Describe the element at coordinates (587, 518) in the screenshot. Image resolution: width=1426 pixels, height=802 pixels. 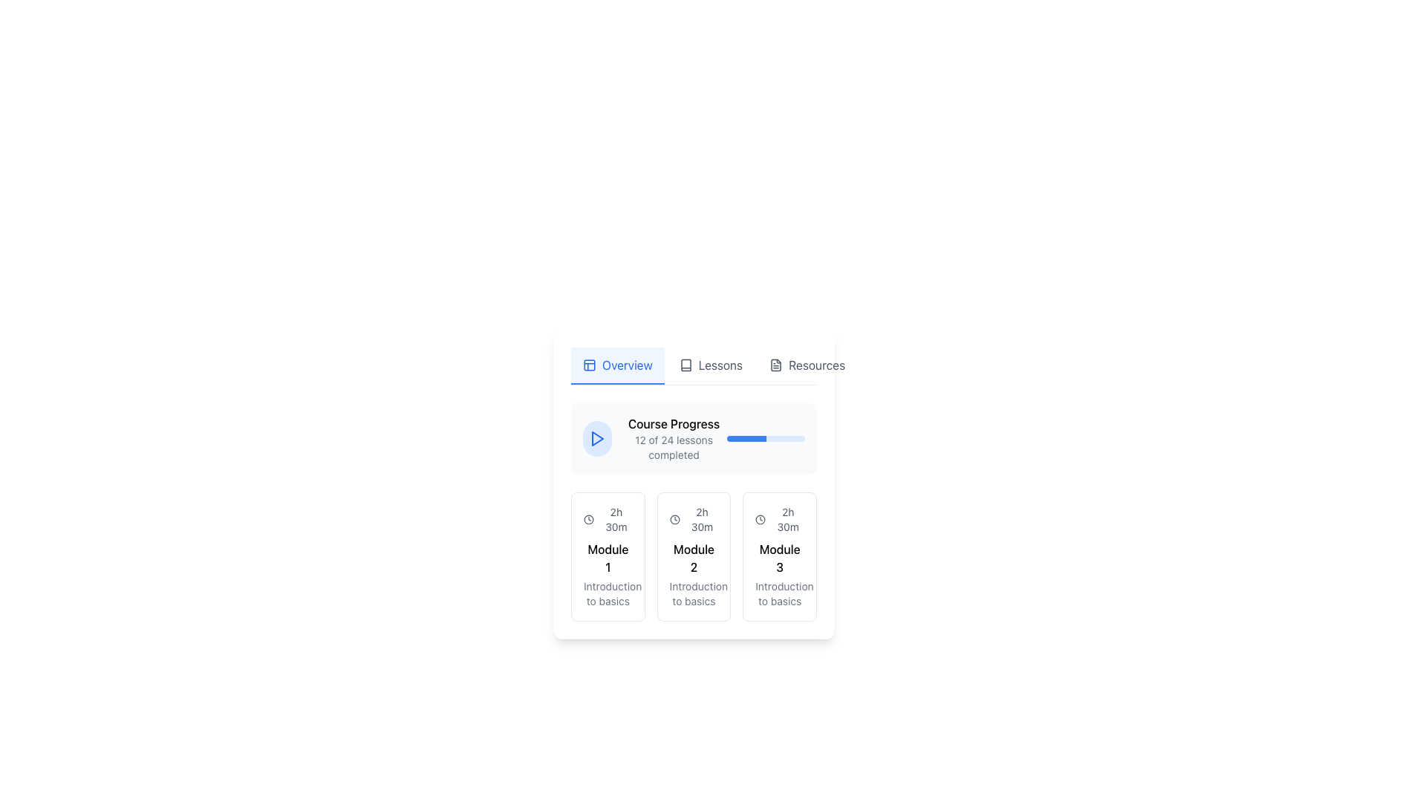
I see `the decorative clock icon indicating the time duration within the first card labeled 'Module 1', positioned to the left of the text '2h 30m'` at that location.